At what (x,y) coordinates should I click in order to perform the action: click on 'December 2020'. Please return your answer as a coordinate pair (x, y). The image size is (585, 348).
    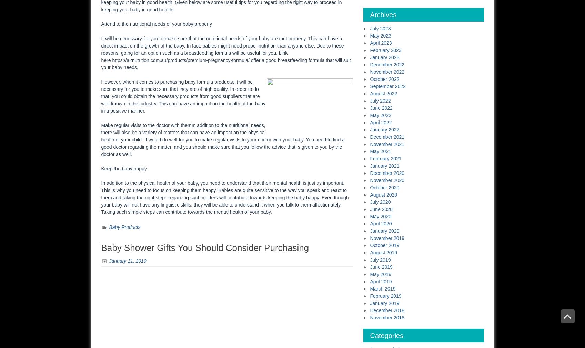
    Looking at the image, I should click on (387, 172).